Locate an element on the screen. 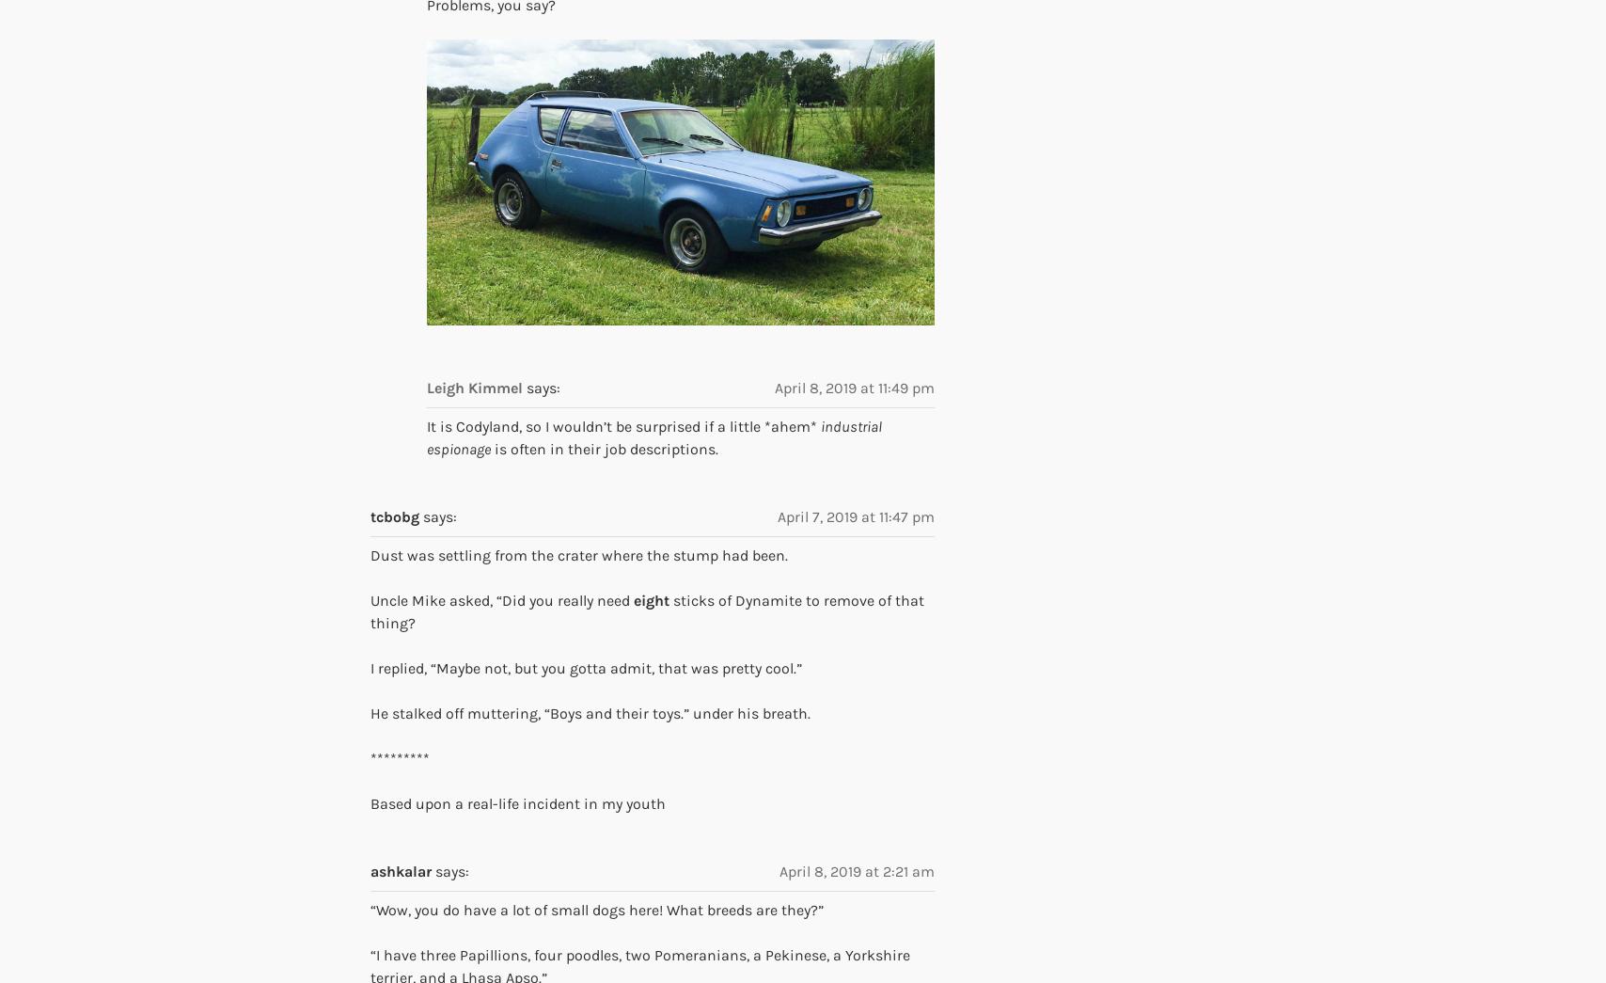 The height and width of the screenshot is (983, 1606). 'I replied, “Maybe not, but you gotta admit, that was pretty cool.”' is located at coordinates (370, 666).